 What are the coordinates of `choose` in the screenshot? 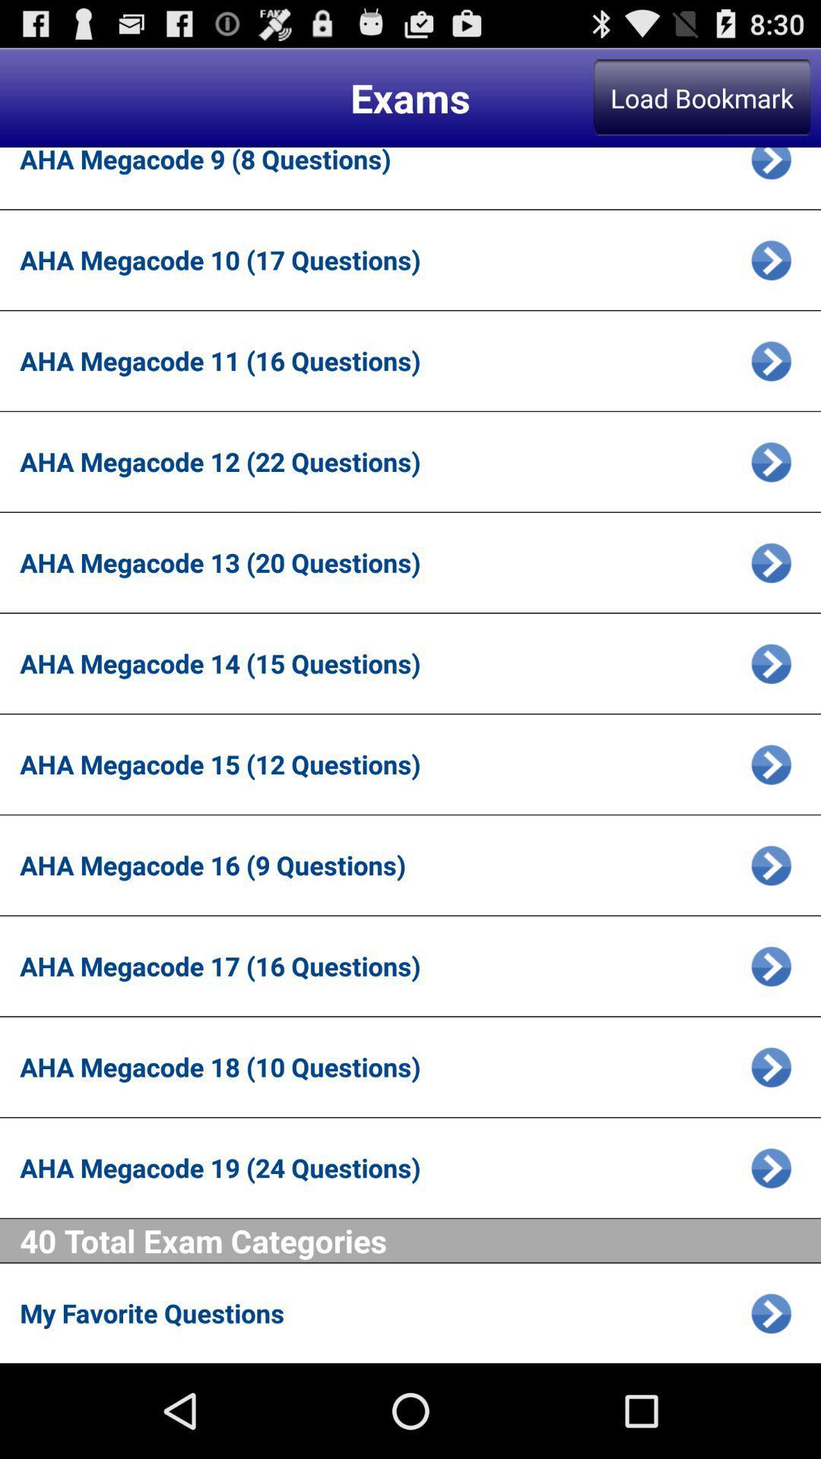 It's located at (771, 562).